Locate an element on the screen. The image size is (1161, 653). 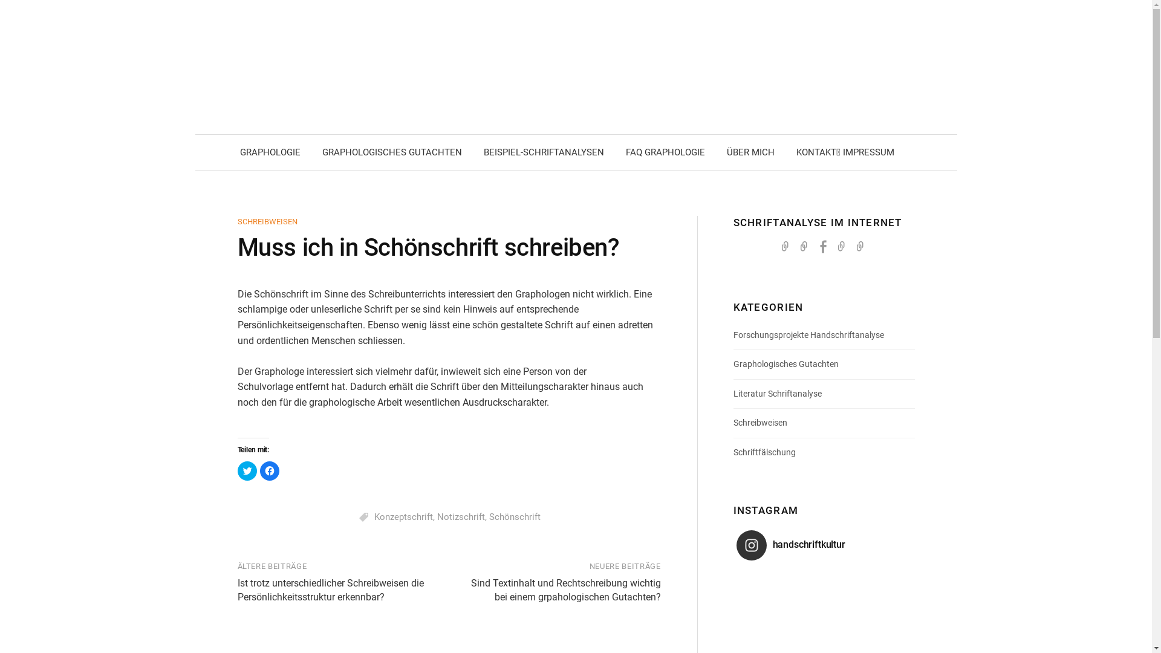
'Notizschrift' is located at coordinates (437, 517).